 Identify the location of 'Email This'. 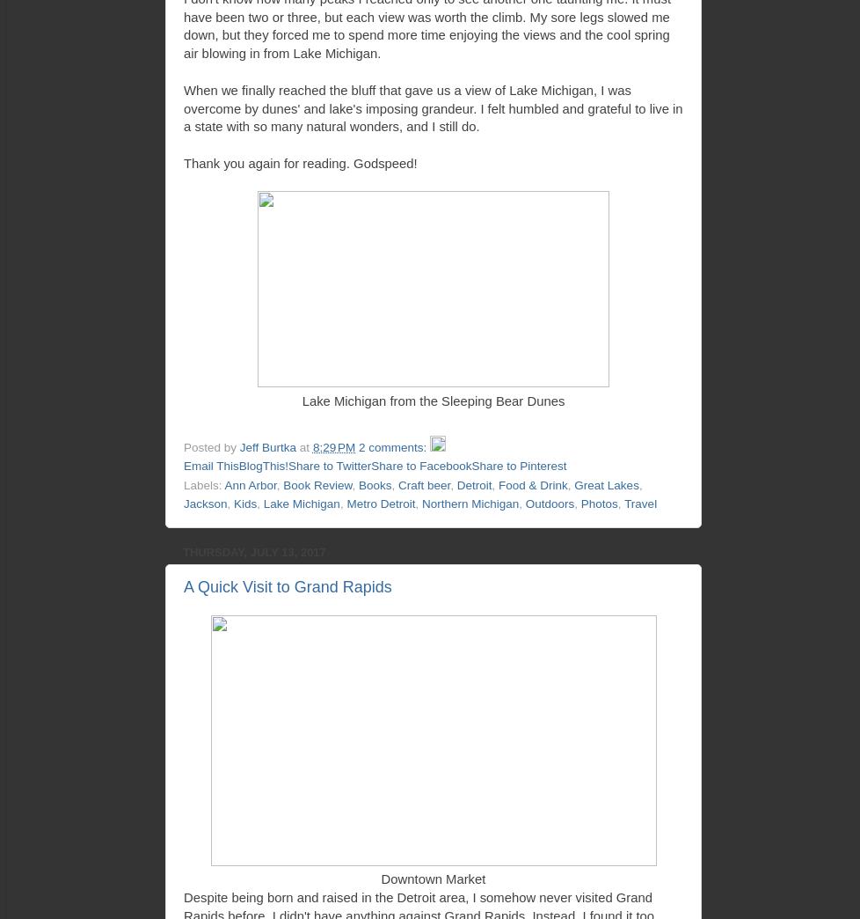
(211, 465).